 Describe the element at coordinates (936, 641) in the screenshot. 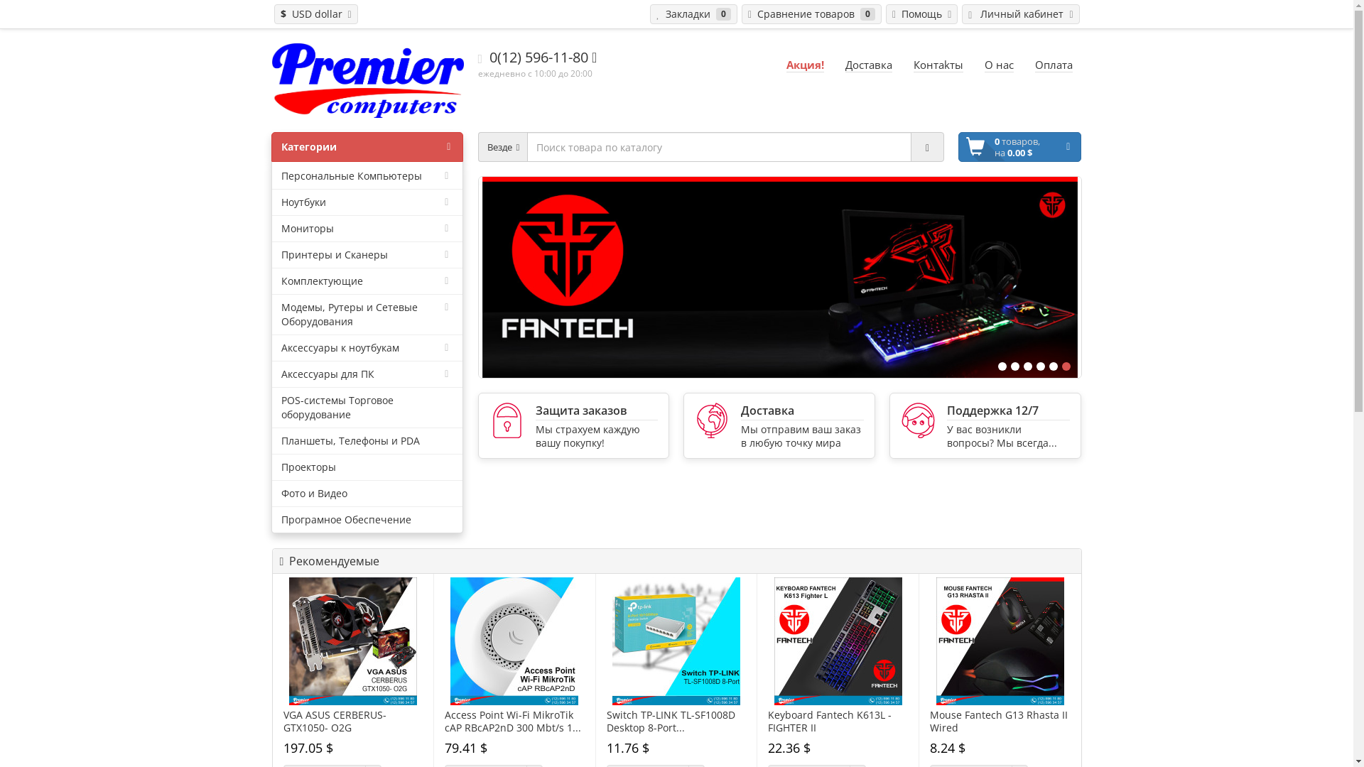

I see `'Mouse Fantech G13 Rhasta II Wired'` at that location.